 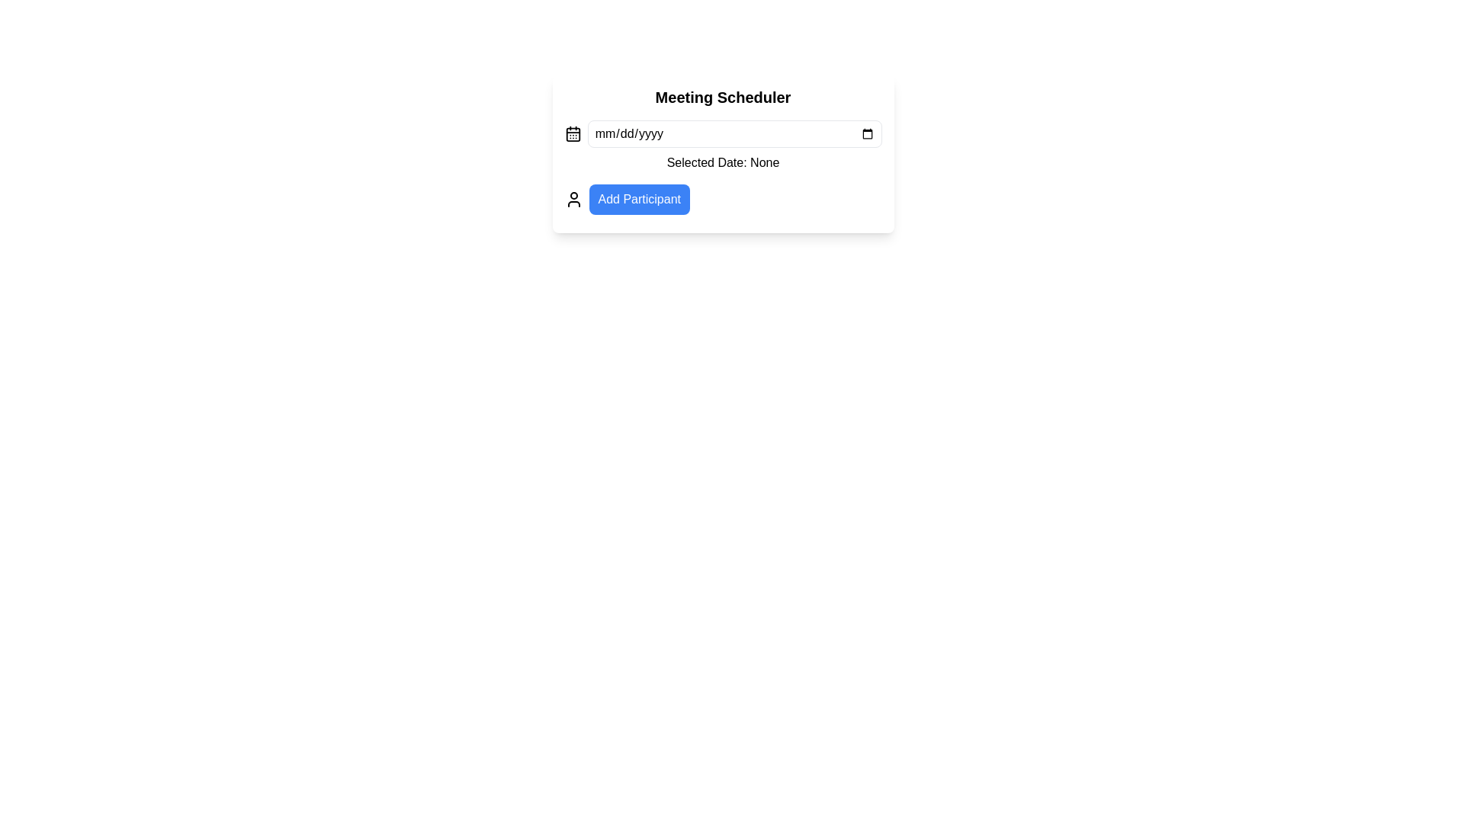 What do you see at coordinates (722, 162) in the screenshot?
I see `text label displaying 'Selected Date: None', which is located below the date input field and above the 'Add Participant' button` at bounding box center [722, 162].